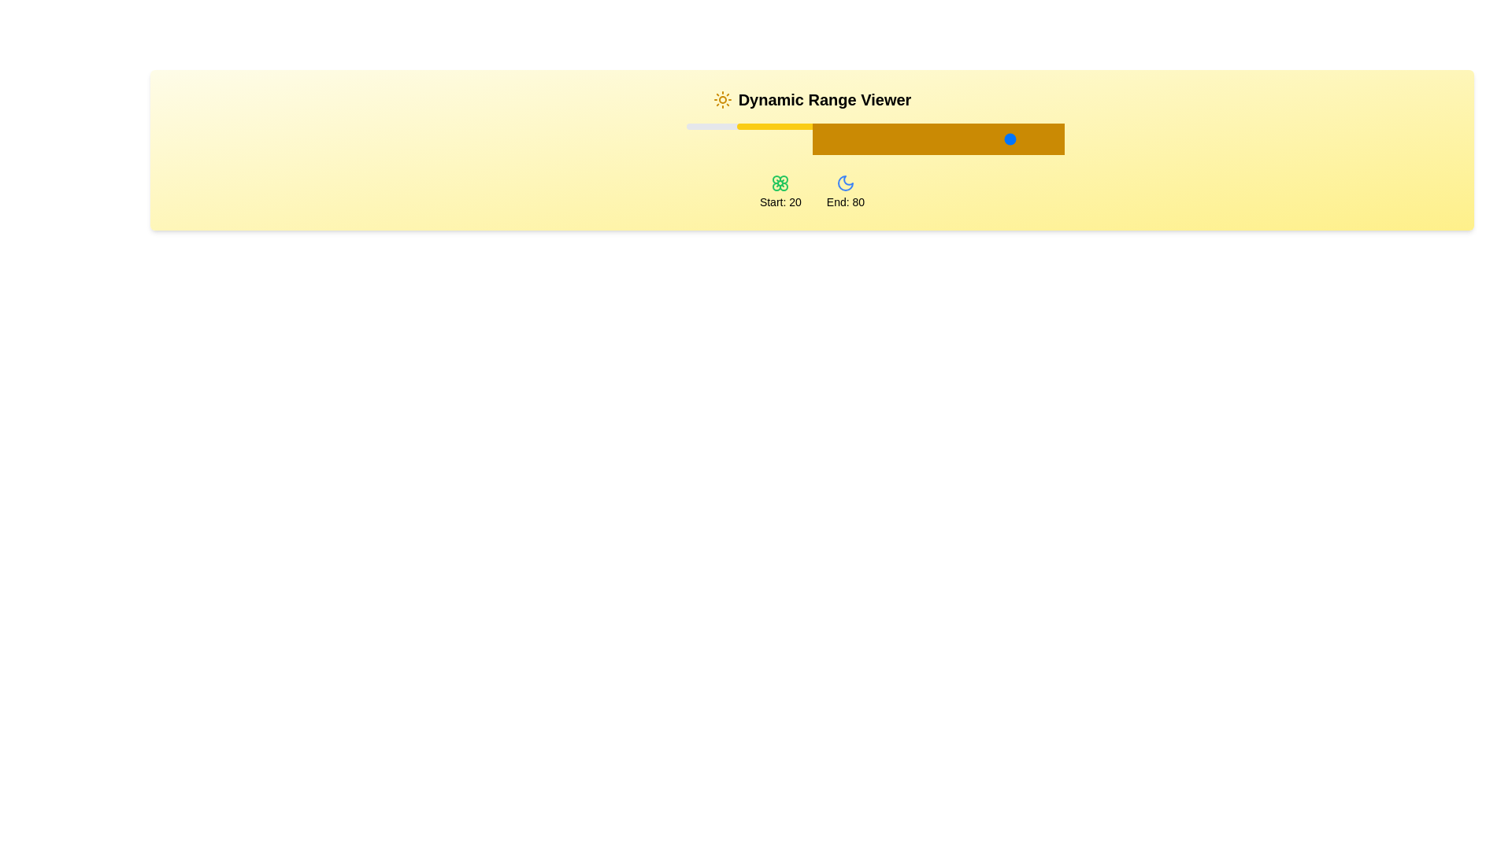 The height and width of the screenshot is (850, 1512). What do you see at coordinates (748, 126) in the screenshot?
I see `the slider` at bounding box center [748, 126].